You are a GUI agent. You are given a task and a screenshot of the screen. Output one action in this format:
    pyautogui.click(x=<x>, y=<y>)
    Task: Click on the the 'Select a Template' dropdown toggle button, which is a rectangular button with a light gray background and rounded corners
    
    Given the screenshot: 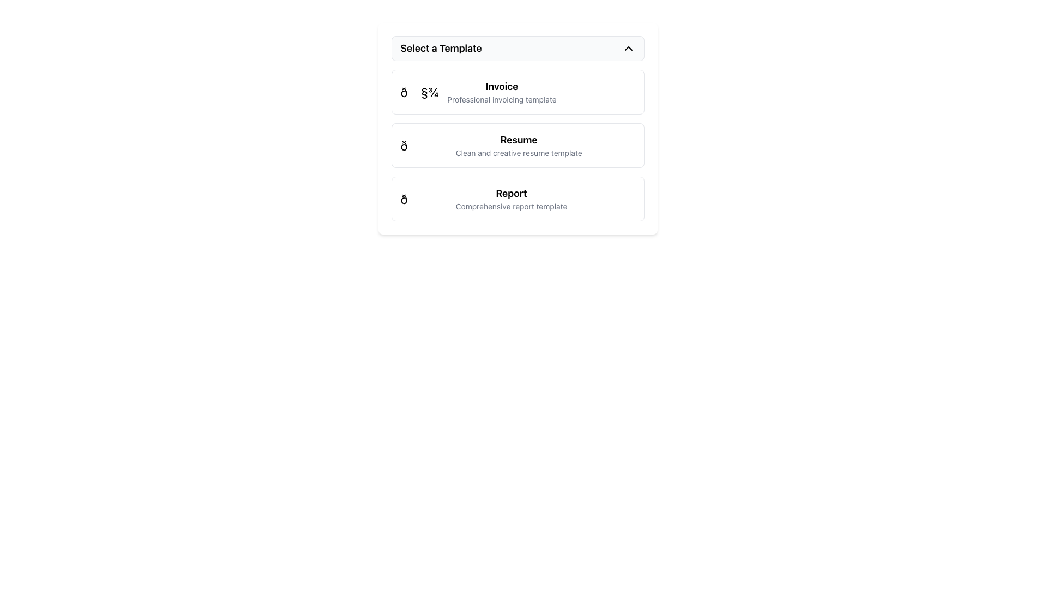 What is the action you would take?
    pyautogui.click(x=517, y=47)
    